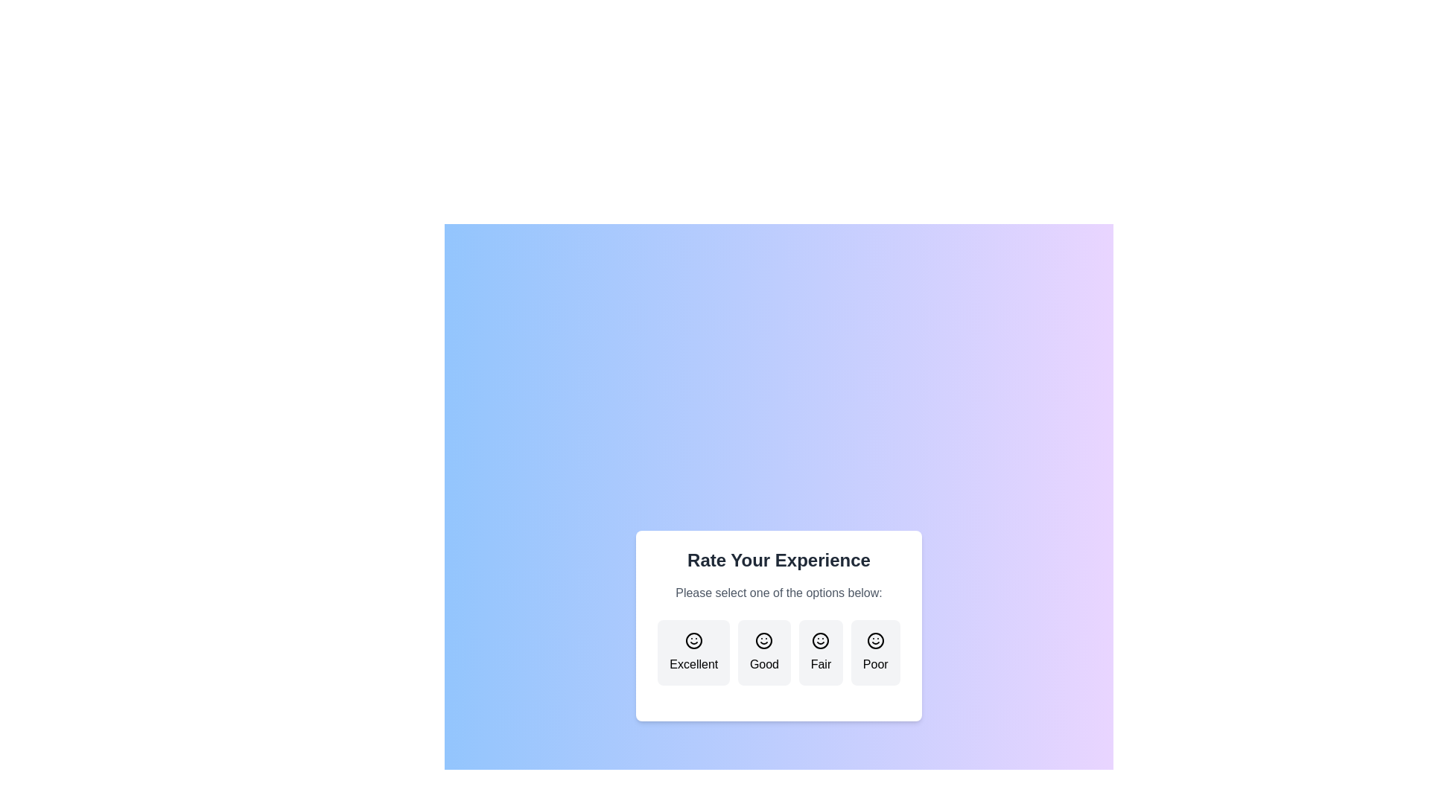 This screenshot has width=1430, height=804. I want to click on the smiley face icon representing the 'Poor' feedback option located within the feedback rating system, so click(875, 639).